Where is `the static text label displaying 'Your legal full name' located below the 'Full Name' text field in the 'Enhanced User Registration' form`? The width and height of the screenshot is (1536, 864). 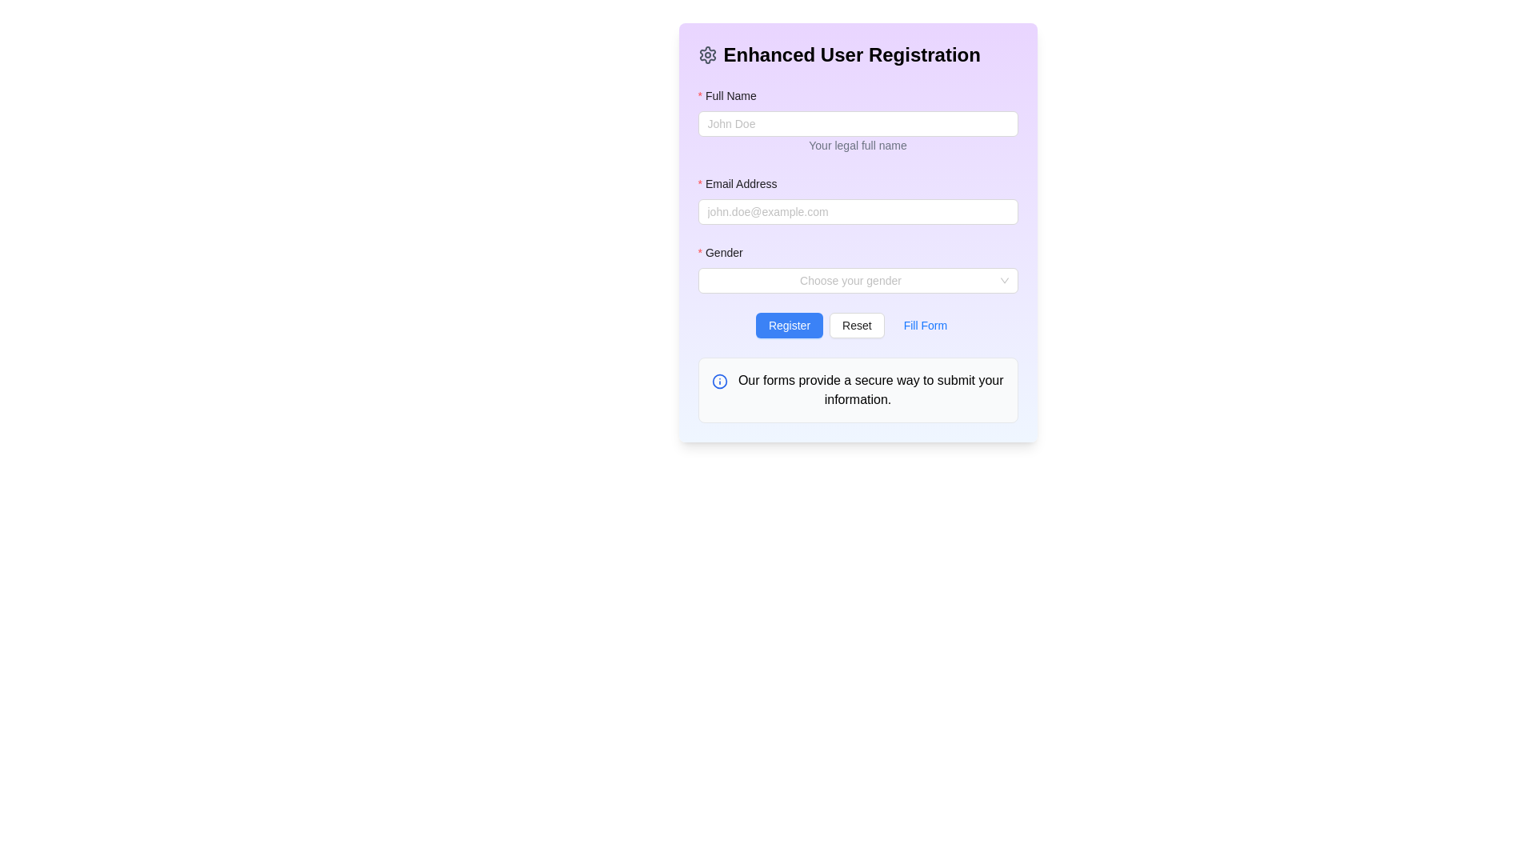
the static text label displaying 'Your legal full name' located below the 'Full Name' text field in the 'Enhanced User Registration' form is located at coordinates (857, 145).